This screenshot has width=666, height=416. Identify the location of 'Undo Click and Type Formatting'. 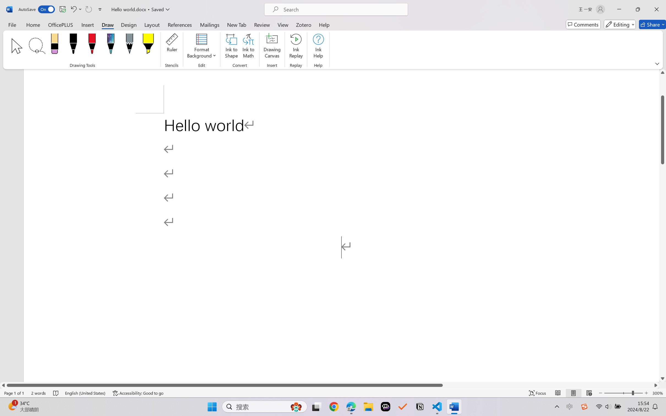
(75, 9).